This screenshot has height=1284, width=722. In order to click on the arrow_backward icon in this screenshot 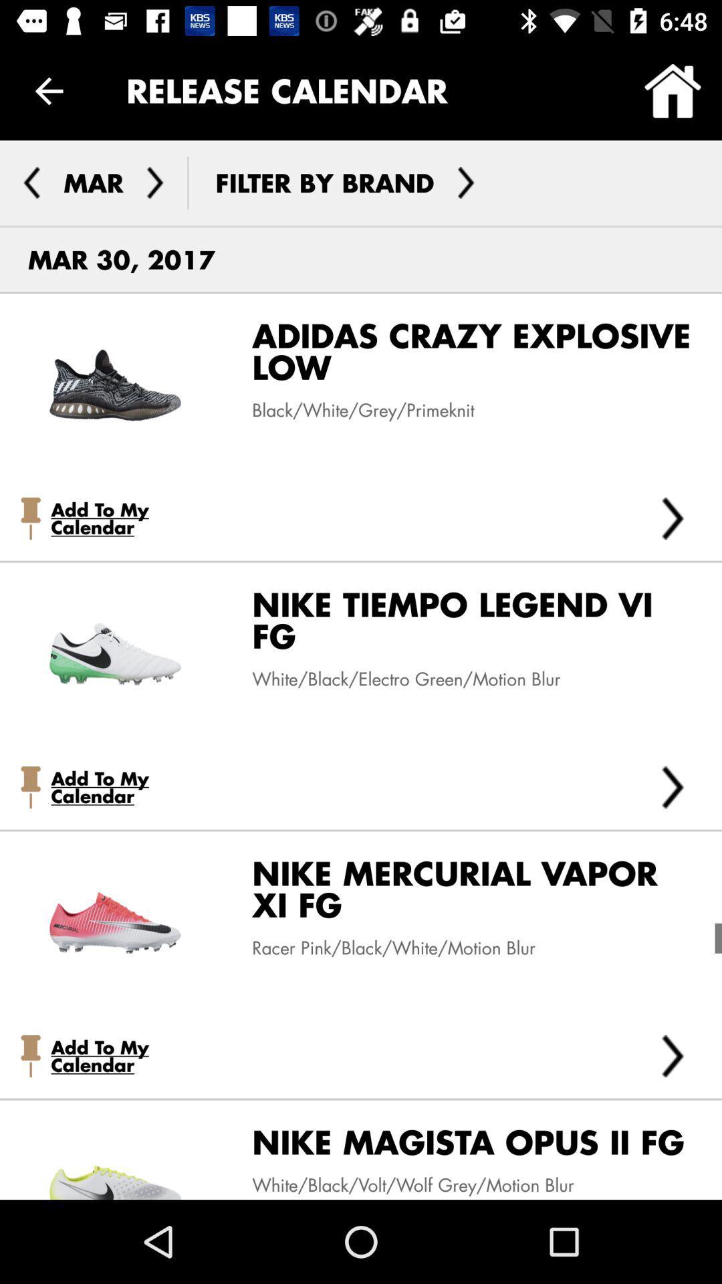, I will do `click(31, 182)`.